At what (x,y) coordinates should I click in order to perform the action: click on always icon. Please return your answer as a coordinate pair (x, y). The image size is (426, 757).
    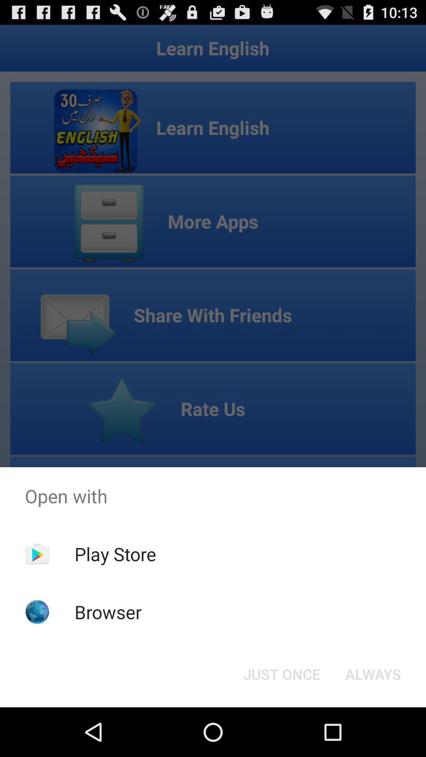
    Looking at the image, I should click on (373, 673).